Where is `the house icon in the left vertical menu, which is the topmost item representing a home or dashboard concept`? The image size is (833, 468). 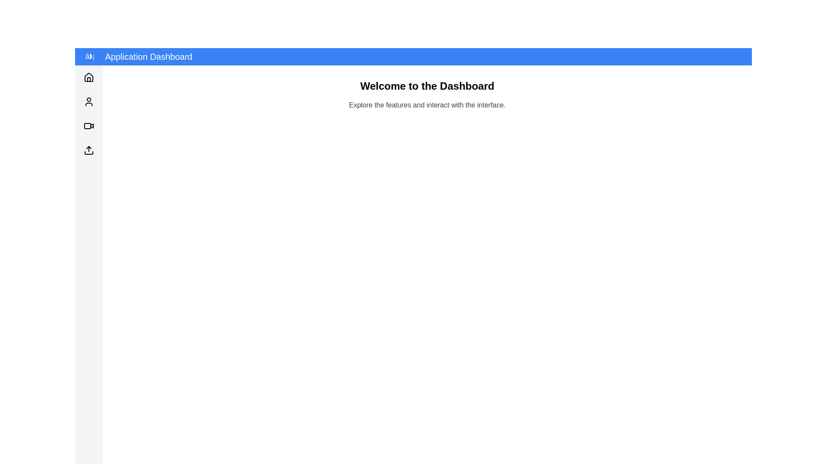 the house icon in the left vertical menu, which is the topmost item representing a home or dashboard concept is located at coordinates (89, 76).